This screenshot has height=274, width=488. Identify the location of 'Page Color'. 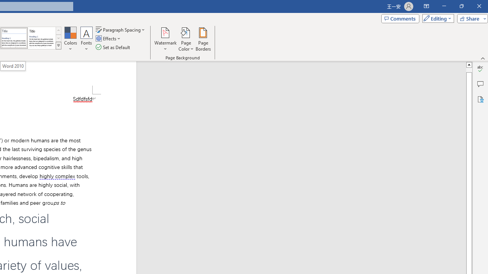
(186, 39).